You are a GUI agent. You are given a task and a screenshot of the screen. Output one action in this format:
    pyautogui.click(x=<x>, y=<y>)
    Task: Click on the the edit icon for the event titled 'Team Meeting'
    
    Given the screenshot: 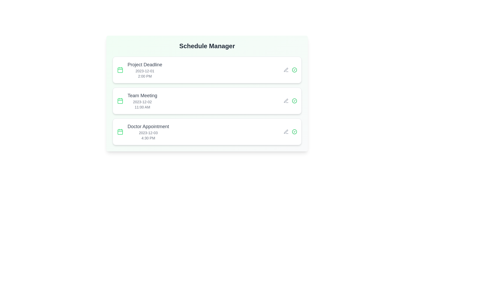 What is the action you would take?
    pyautogui.click(x=286, y=101)
    